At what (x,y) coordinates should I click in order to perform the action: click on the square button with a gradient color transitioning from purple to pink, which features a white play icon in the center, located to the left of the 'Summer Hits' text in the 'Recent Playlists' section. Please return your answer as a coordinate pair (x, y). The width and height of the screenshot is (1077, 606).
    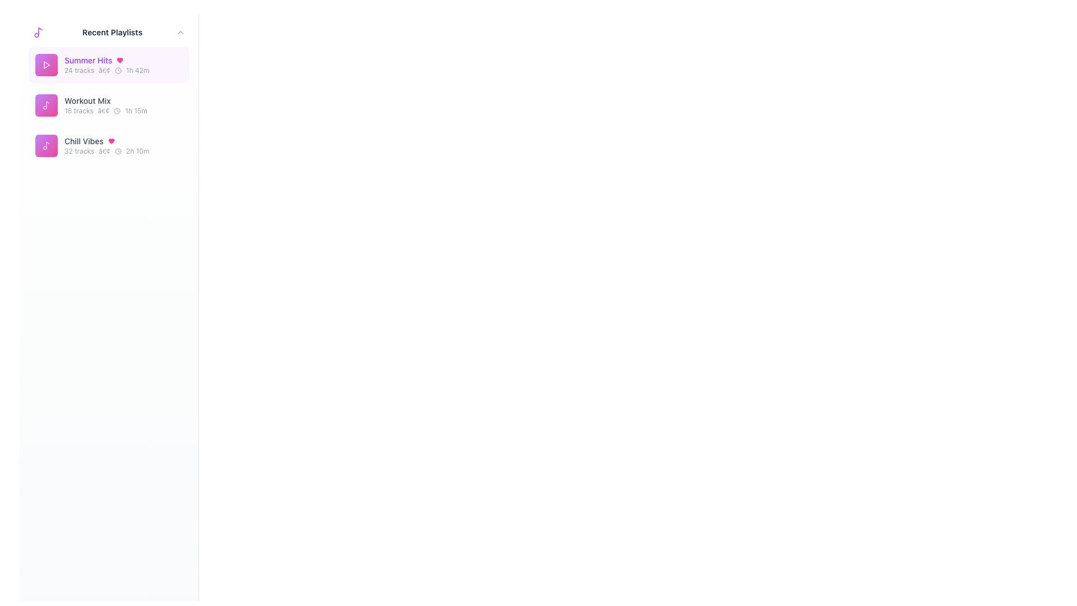
    Looking at the image, I should click on (45, 65).